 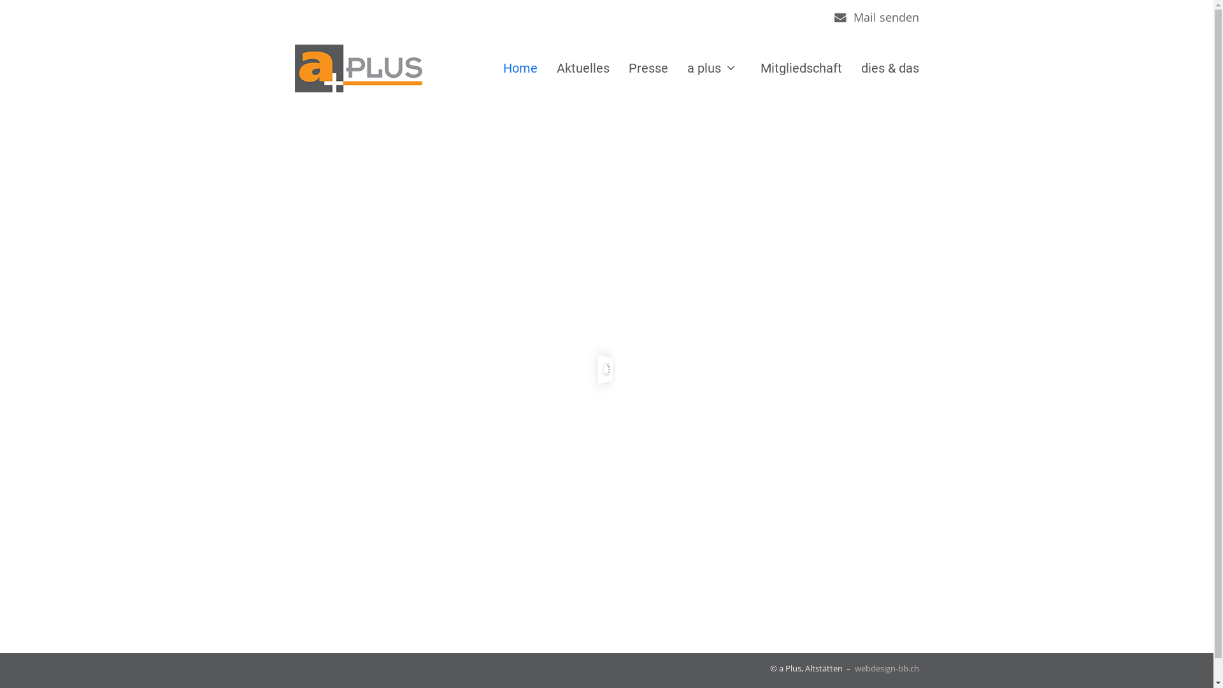 I want to click on 'Mitgliedschaft', so click(x=800, y=68).